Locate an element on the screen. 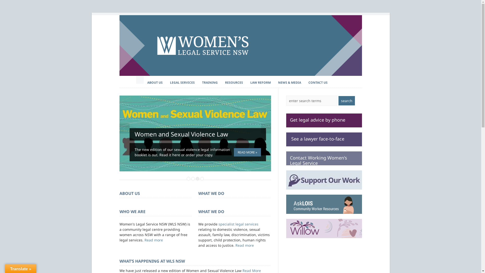 The width and height of the screenshot is (485, 273). 'LEGAL SERVICES' is located at coordinates (166, 82).